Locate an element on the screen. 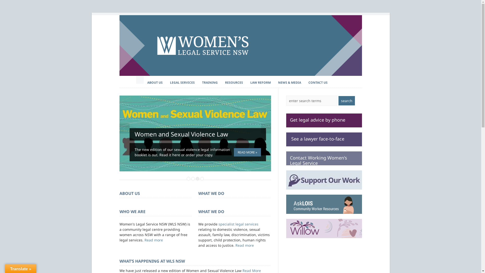 The width and height of the screenshot is (485, 273). 'LEGAL SERVICES' is located at coordinates (166, 82).